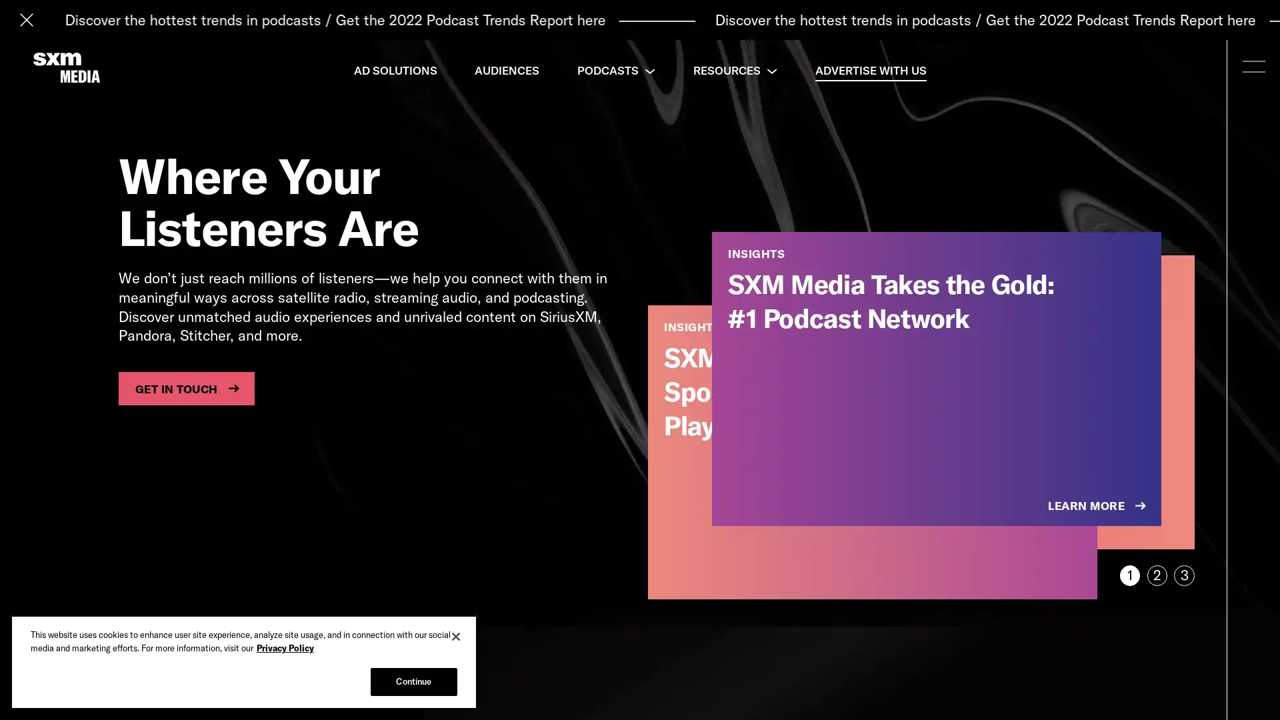 The image size is (1280, 720). I want to click on LEARN MORE, so click(1098, 506).